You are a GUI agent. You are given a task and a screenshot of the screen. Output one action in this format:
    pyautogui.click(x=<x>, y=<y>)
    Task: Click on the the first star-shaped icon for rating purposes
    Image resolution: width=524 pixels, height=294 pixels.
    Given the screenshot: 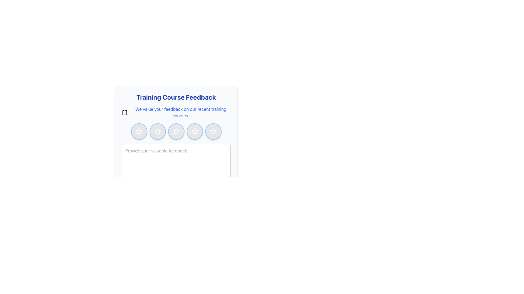 What is the action you would take?
    pyautogui.click(x=139, y=131)
    